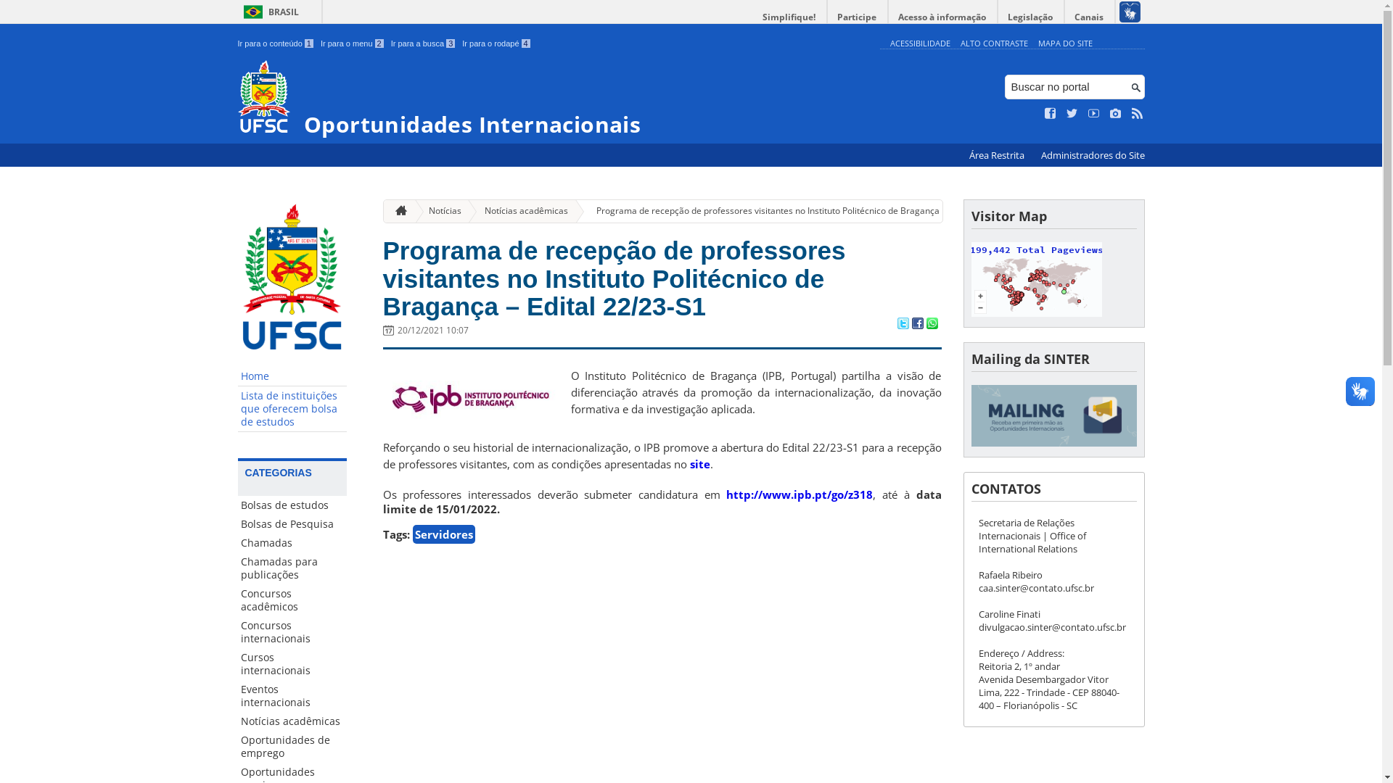  Describe the element at coordinates (1051, 113) in the screenshot. I see `'Curta no Facebook'` at that location.